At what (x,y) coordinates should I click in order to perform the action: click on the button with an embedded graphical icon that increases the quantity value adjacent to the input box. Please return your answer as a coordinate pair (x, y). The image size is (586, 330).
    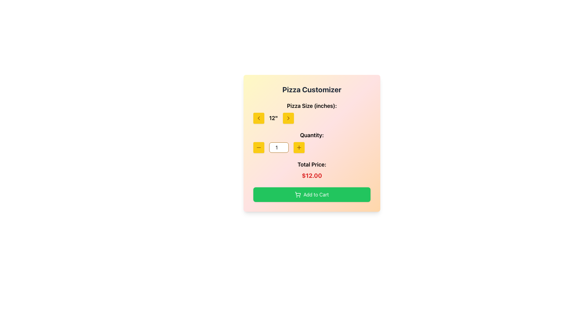
    Looking at the image, I should click on (299, 147).